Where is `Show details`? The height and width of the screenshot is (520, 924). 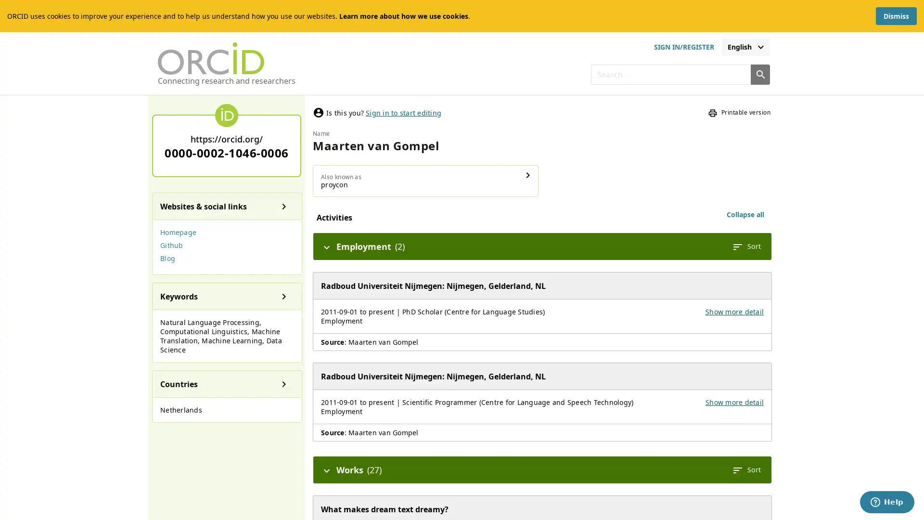
Show details is located at coordinates (283, 383).